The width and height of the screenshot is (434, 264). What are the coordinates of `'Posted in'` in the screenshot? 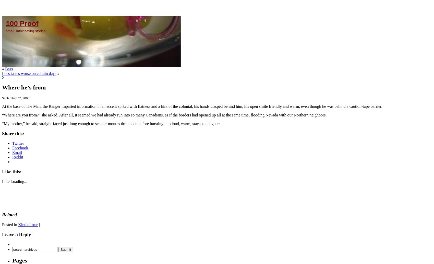 It's located at (2, 225).